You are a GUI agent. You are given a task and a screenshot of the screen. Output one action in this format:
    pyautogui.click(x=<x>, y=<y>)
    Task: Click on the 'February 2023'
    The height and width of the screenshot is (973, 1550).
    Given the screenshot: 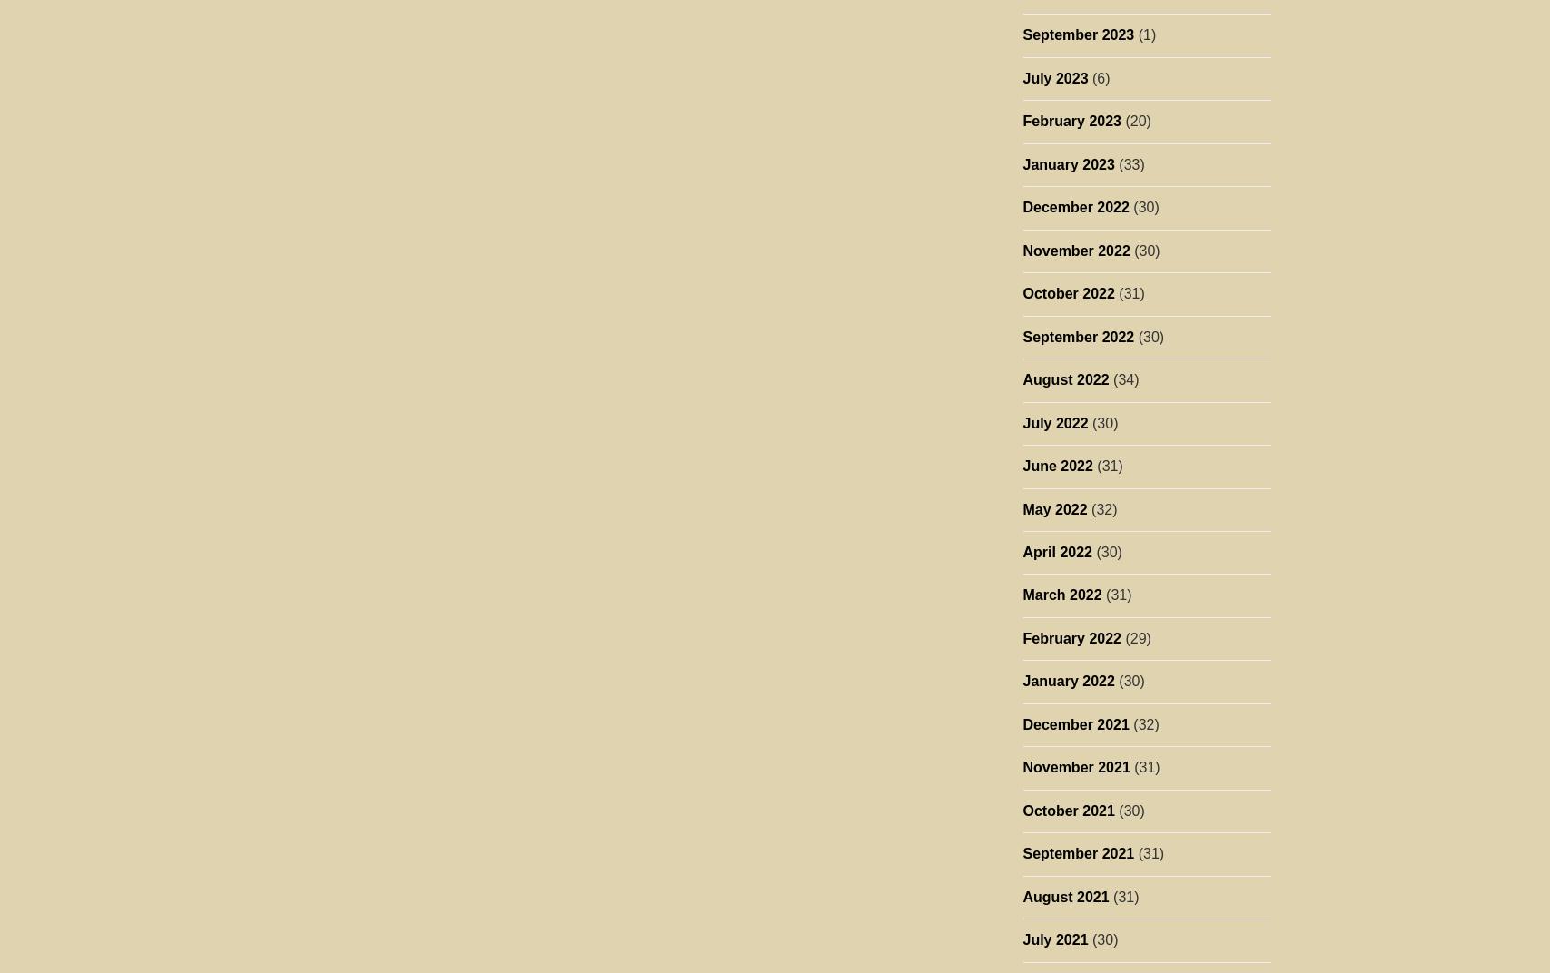 What is the action you would take?
    pyautogui.click(x=1071, y=121)
    